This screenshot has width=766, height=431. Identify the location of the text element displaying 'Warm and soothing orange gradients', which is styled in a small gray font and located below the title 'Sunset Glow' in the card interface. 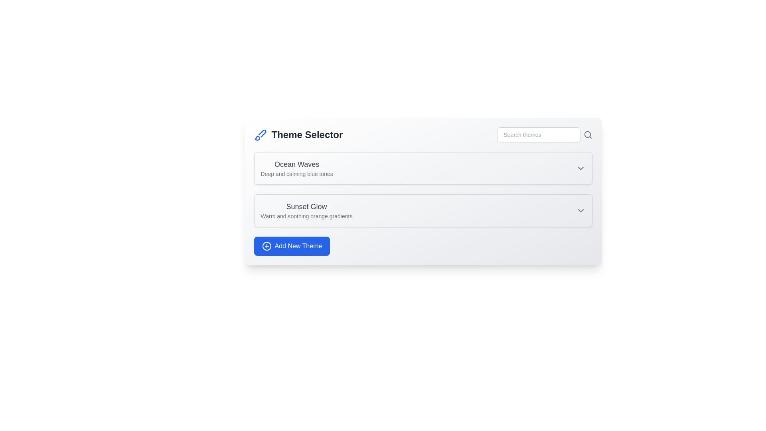
(306, 216).